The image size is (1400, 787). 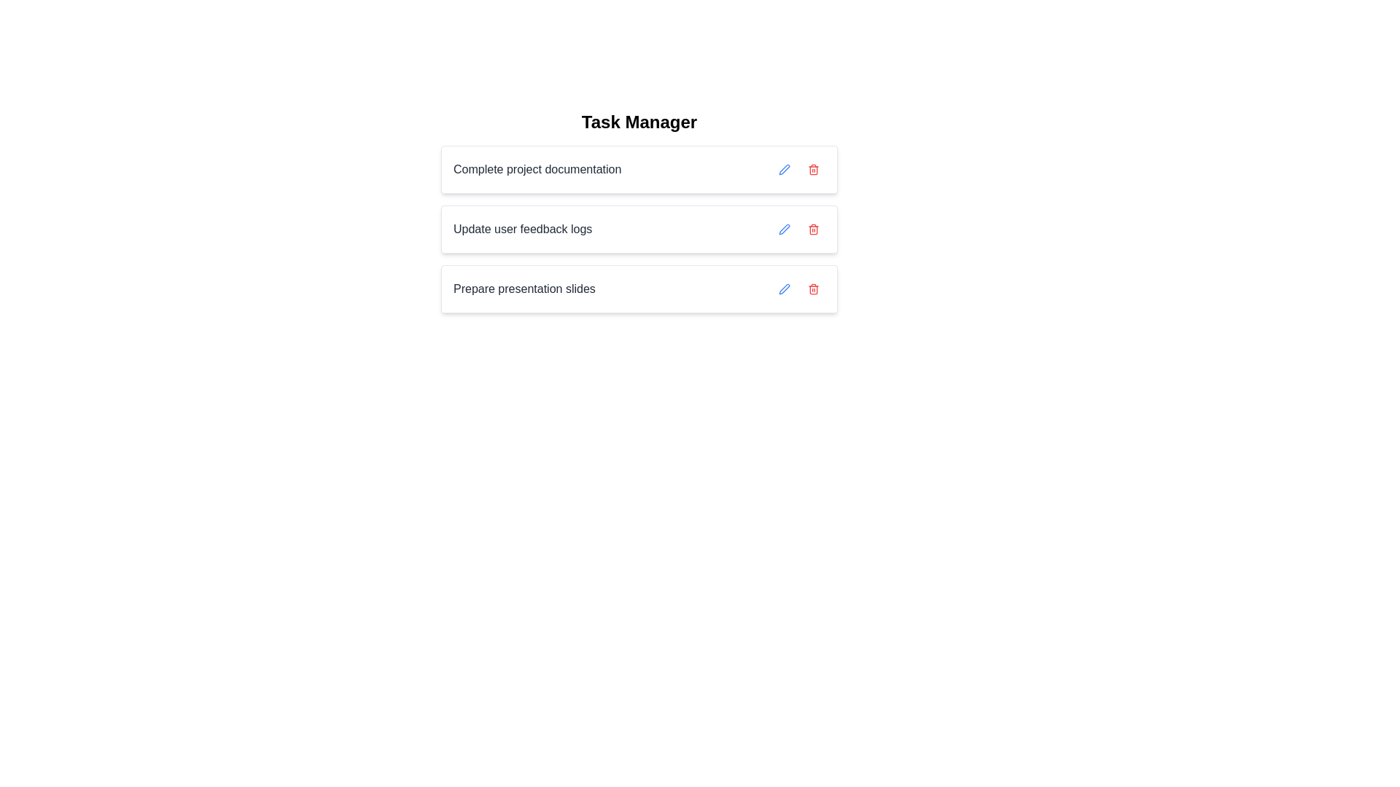 What do you see at coordinates (783, 289) in the screenshot?
I see `the edit icon represented by a pen located at the right side of the second task entry` at bounding box center [783, 289].